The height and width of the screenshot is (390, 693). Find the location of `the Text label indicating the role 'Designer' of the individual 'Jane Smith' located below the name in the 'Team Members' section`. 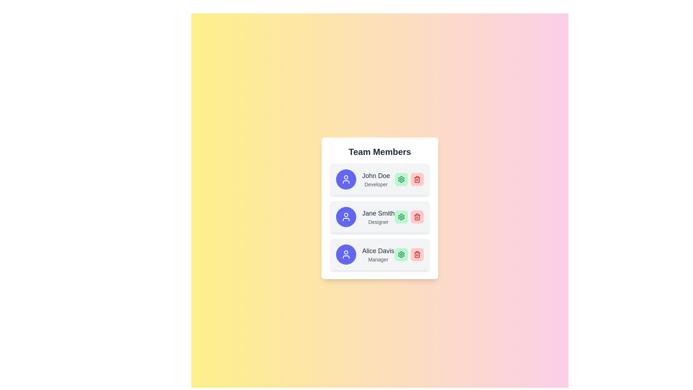

the Text label indicating the role 'Designer' of the individual 'Jane Smith' located below the name in the 'Team Members' section is located at coordinates (378, 221).